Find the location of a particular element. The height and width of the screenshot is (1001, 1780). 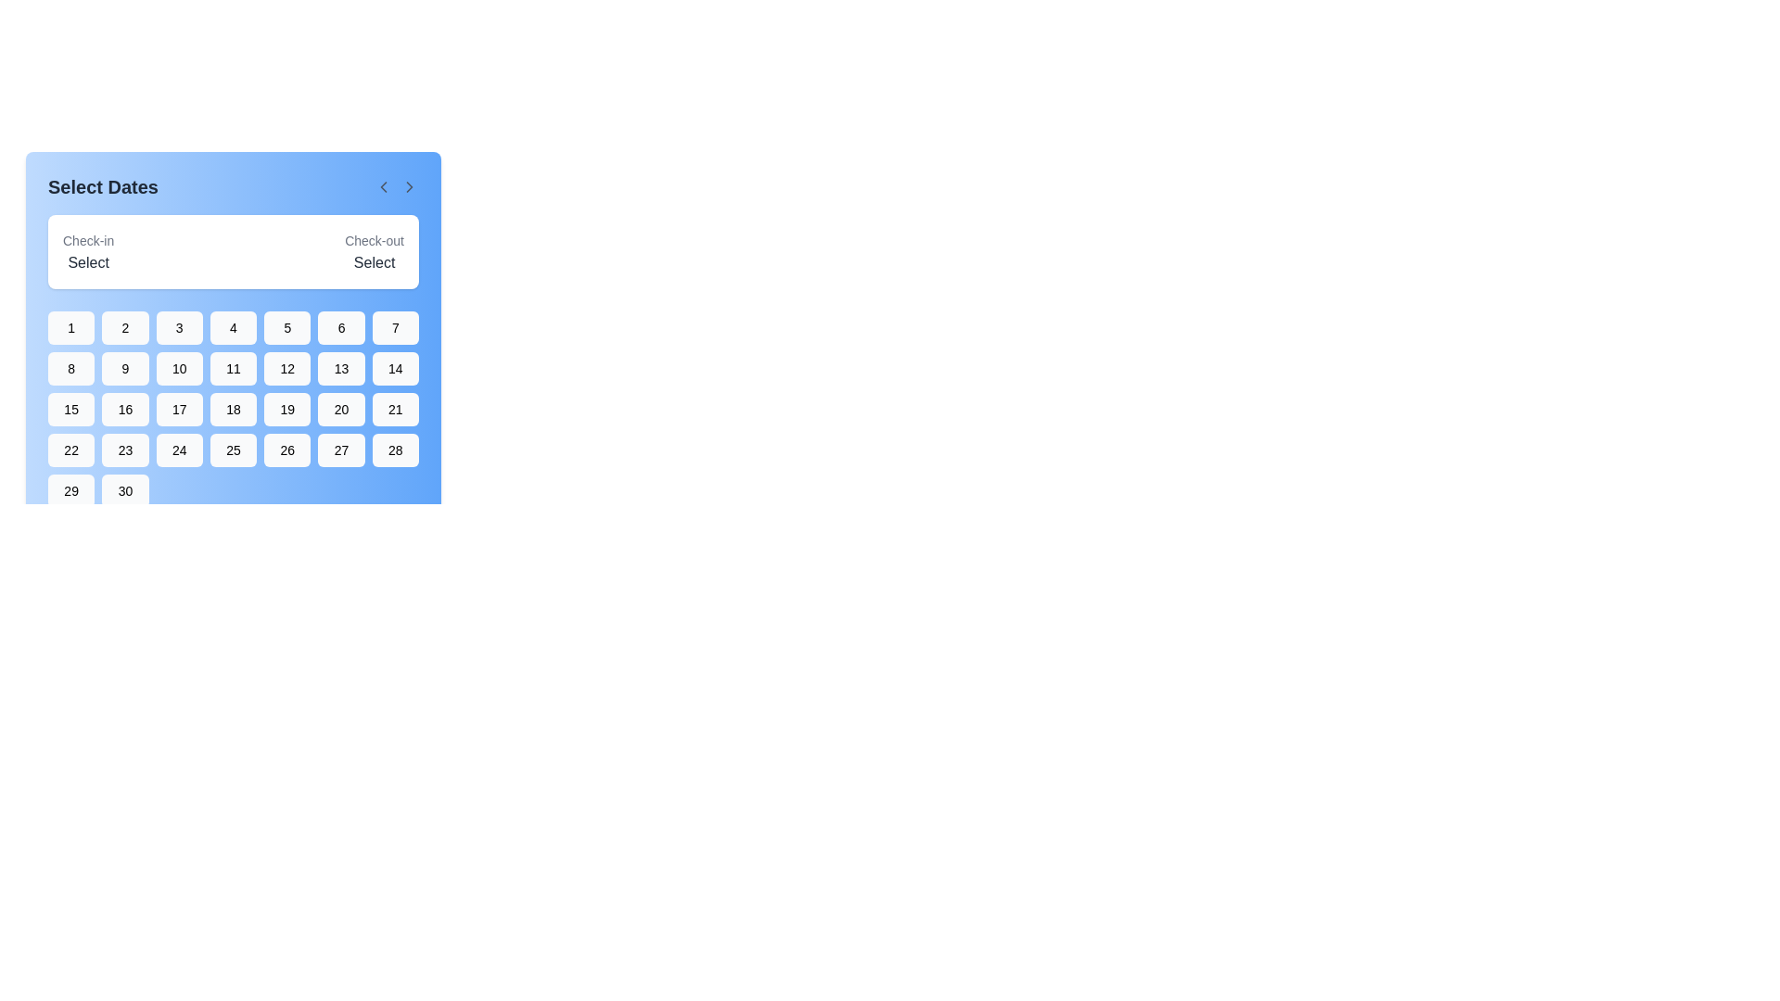

the rectangular button with rounded corners and the text '15' is located at coordinates (71, 409).